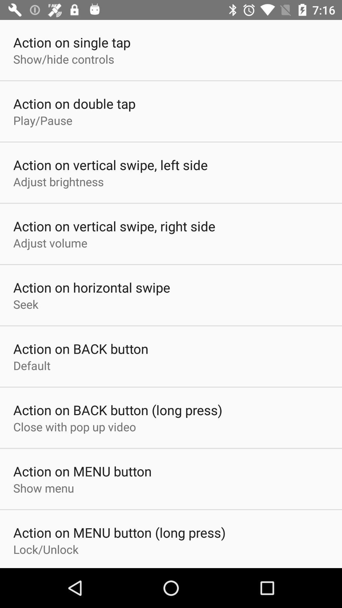 The image size is (342, 608). What do you see at coordinates (64, 59) in the screenshot?
I see `the app below action on single icon` at bounding box center [64, 59].